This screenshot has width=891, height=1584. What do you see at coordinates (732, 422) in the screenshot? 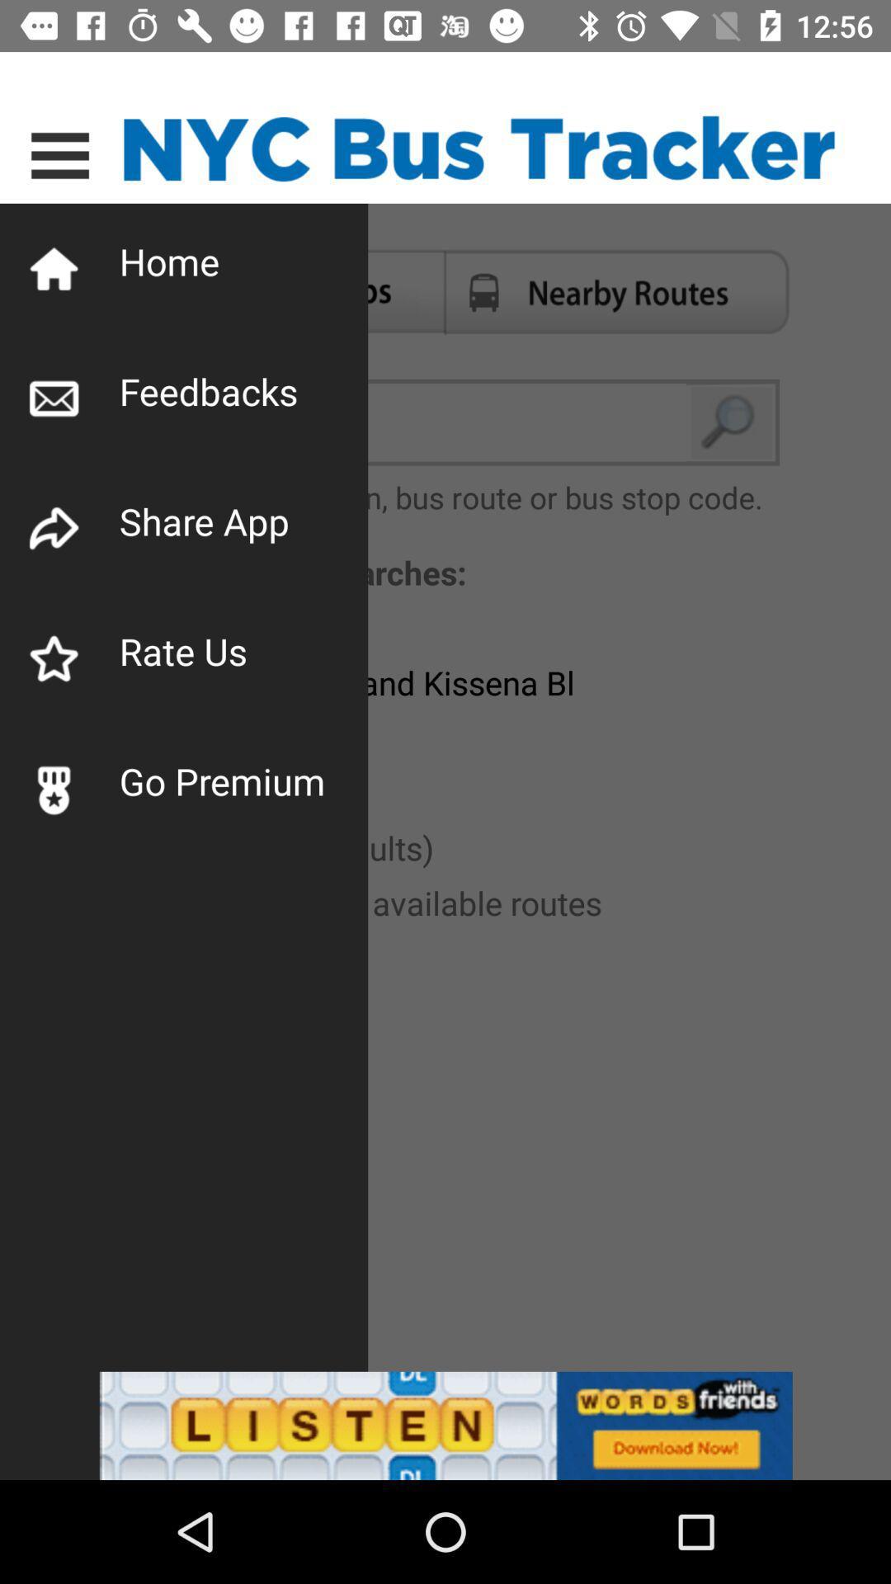
I see `the search icon` at bounding box center [732, 422].